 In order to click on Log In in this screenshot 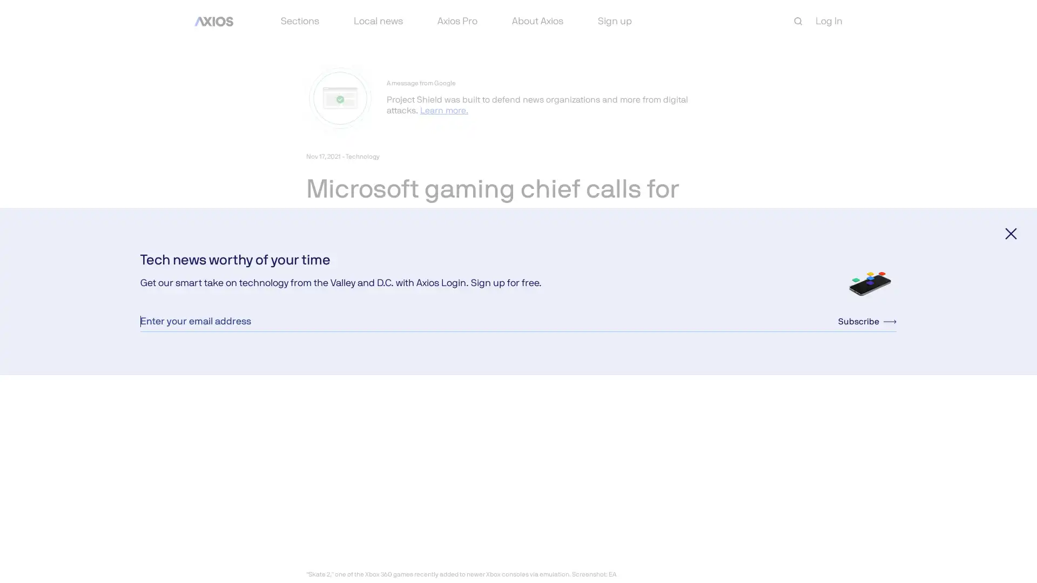, I will do `click(829, 21)`.